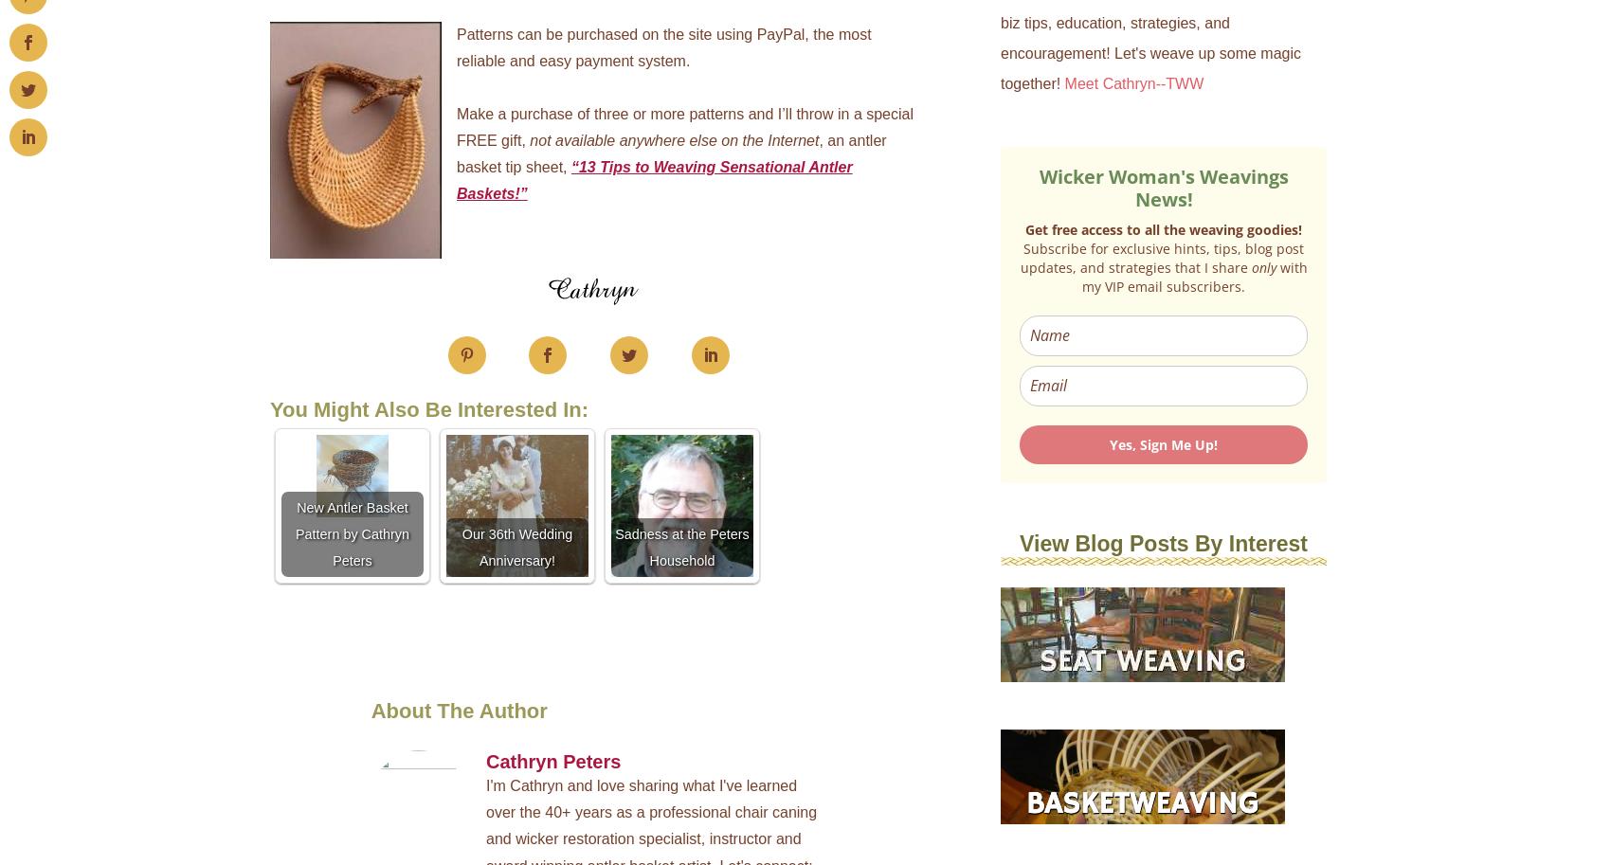  I want to click on 'with my VIP email subscribers.', so click(1082, 275).